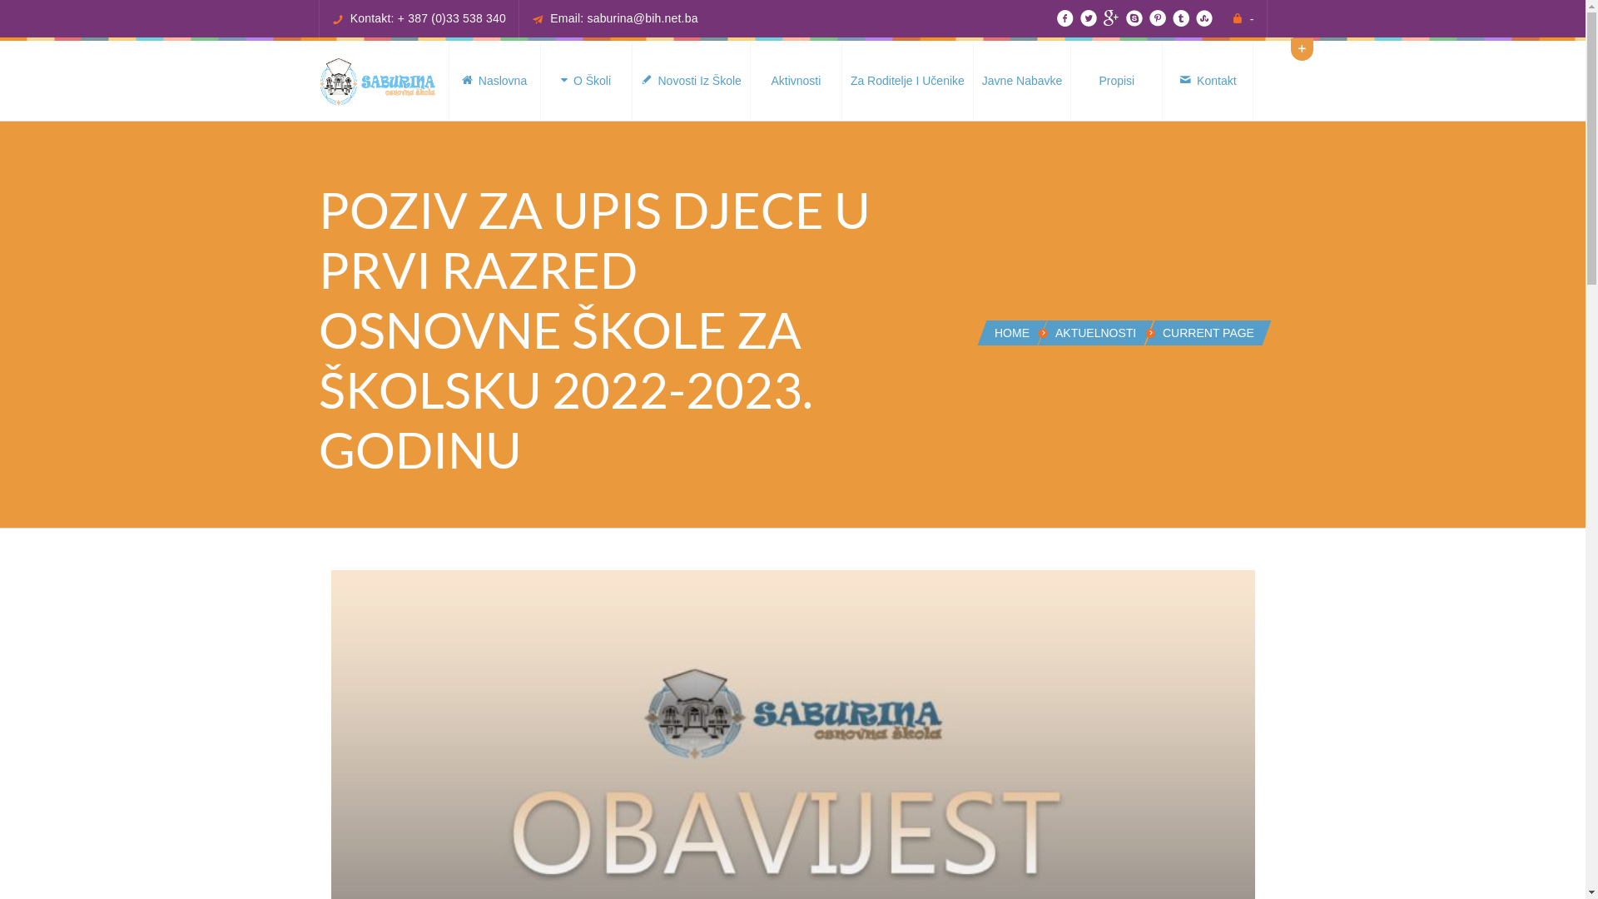 The image size is (1598, 899). What do you see at coordinates (1252, 19) in the screenshot?
I see `'-'` at bounding box center [1252, 19].